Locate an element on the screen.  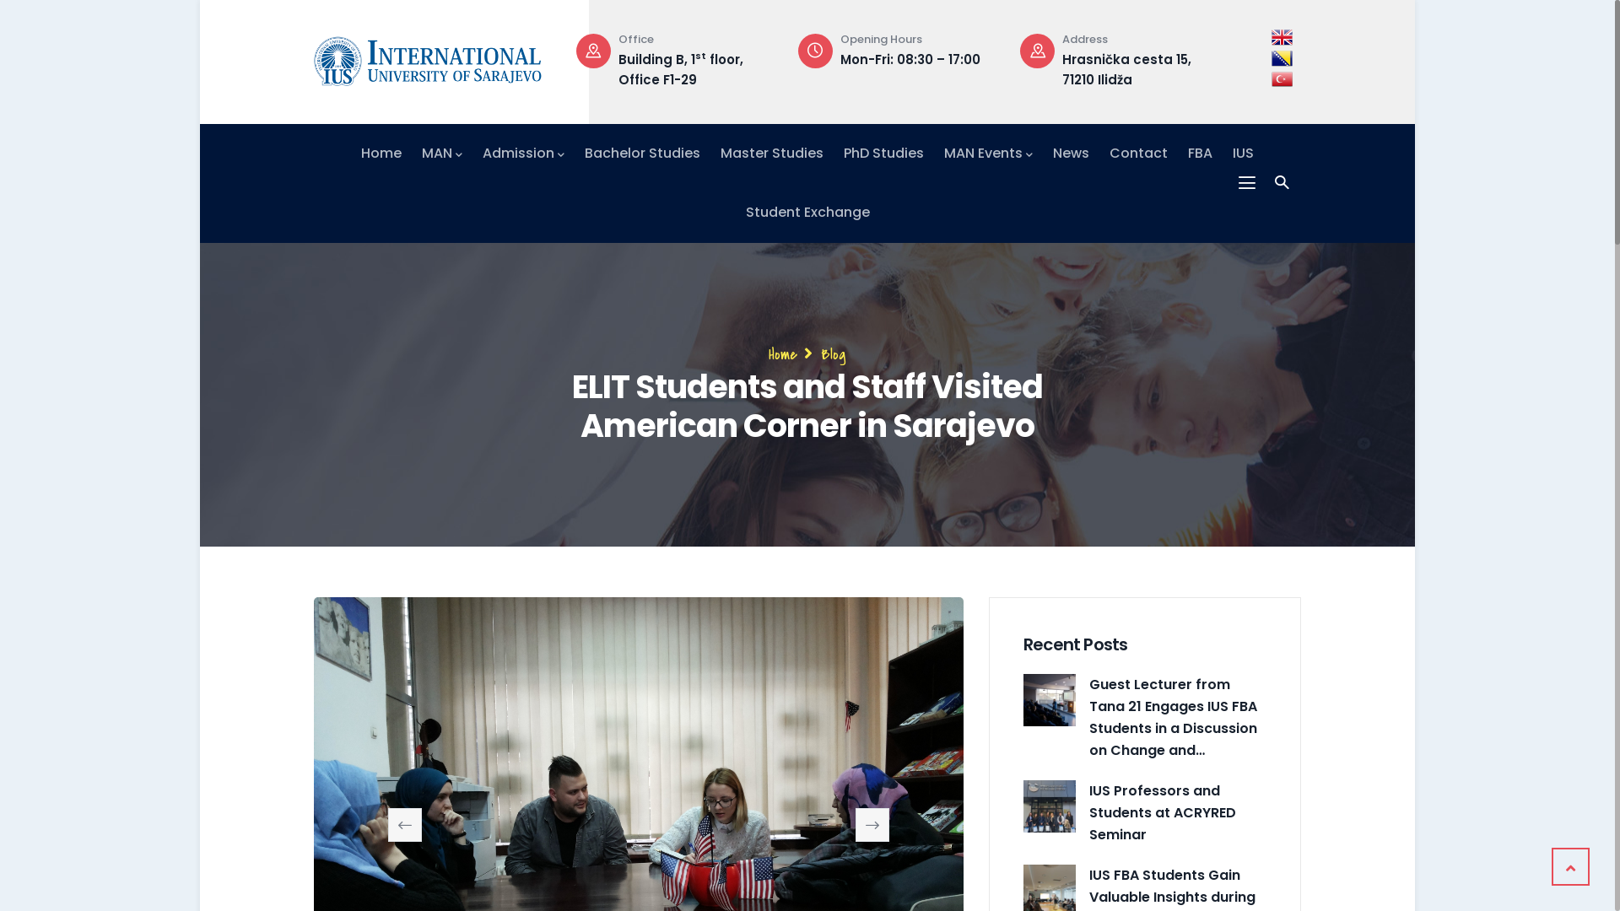
'IUS Professors and Students at ACRYRED Seminar' is located at coordinates (1048, 806).